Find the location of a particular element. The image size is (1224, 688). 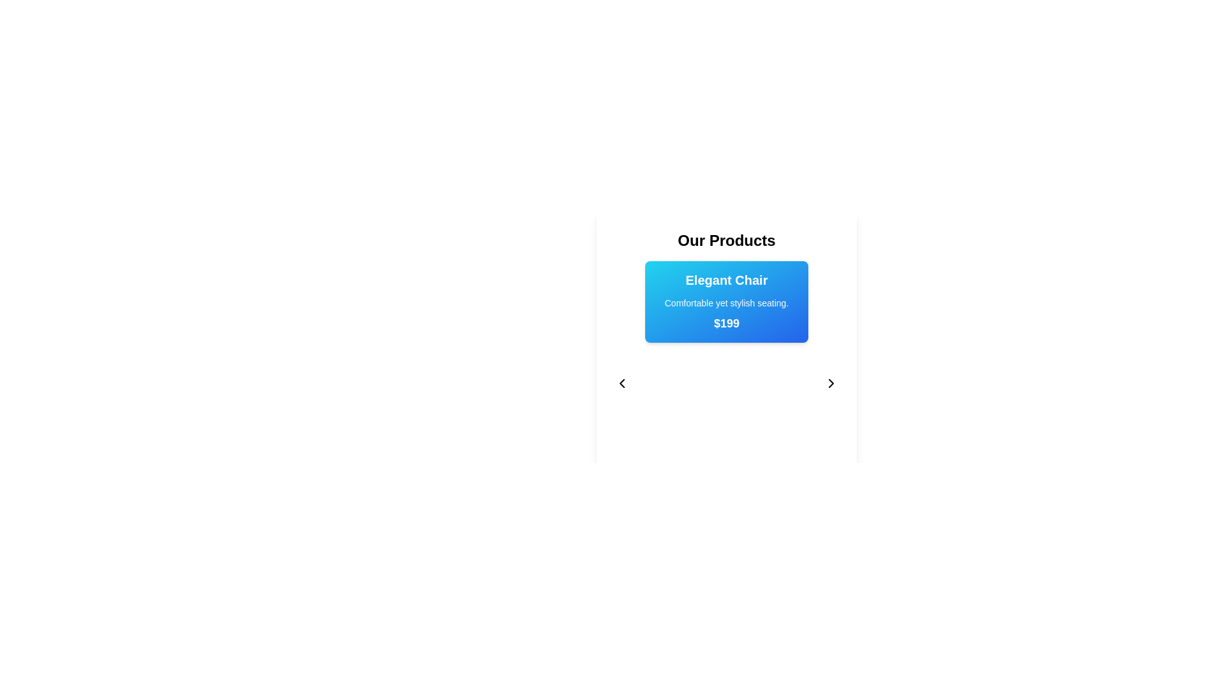

the left navigational arrow button to activate keyboard navigation is located at coordinates (622, 382).